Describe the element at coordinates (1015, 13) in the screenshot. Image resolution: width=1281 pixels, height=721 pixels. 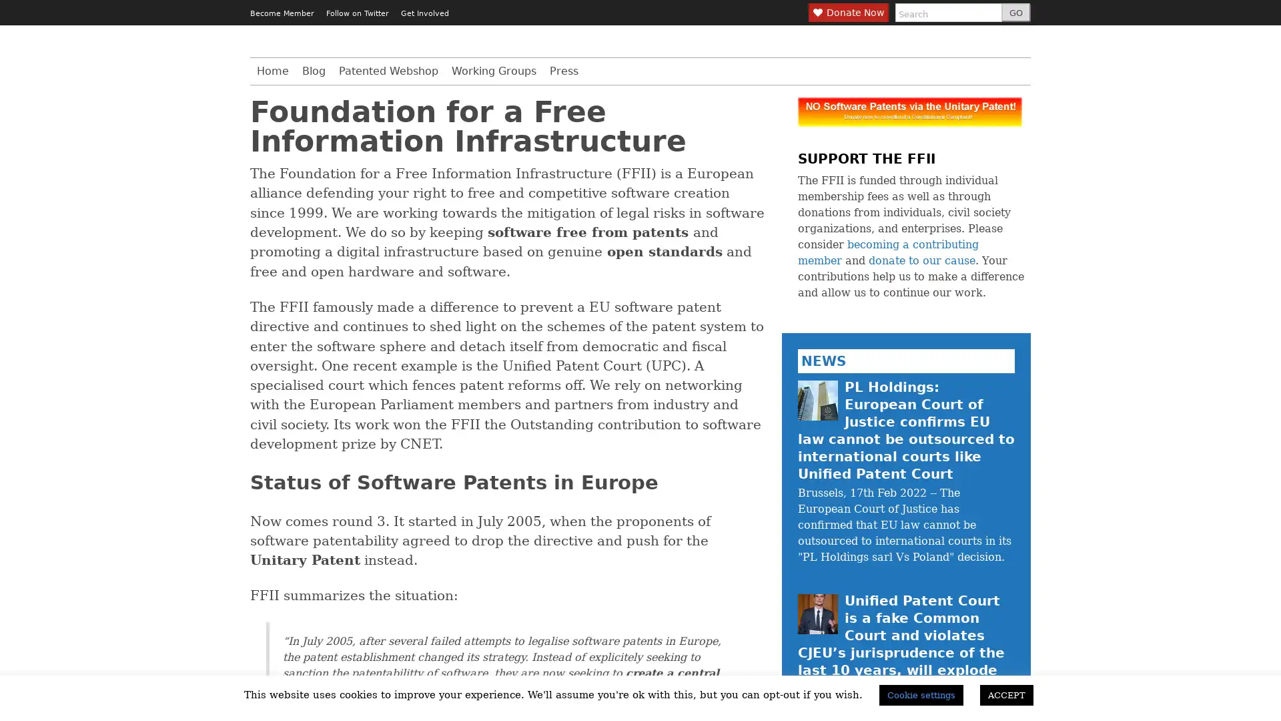
I see `GO` at that location.